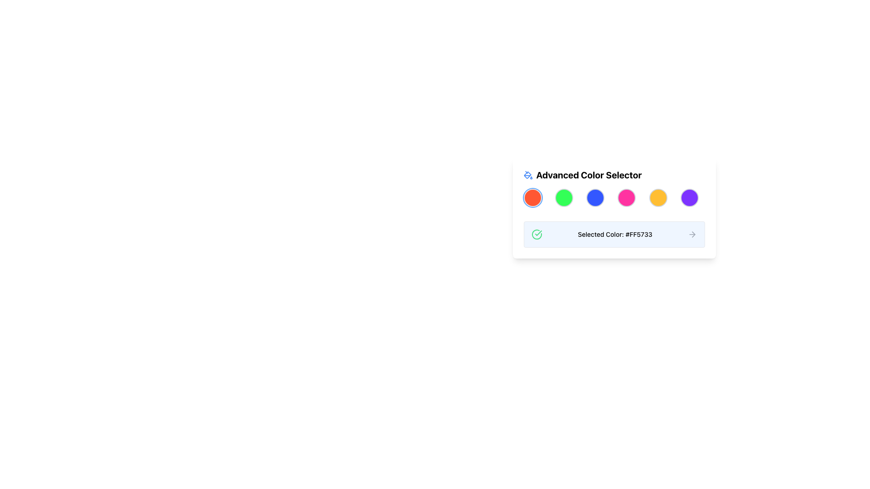 The width and height of the screenshot is (870, 489). I want to click on circular icon with a green check mark inside, located on the left side of the 'Selected Color: #FF5733' section, so click(536, 234).